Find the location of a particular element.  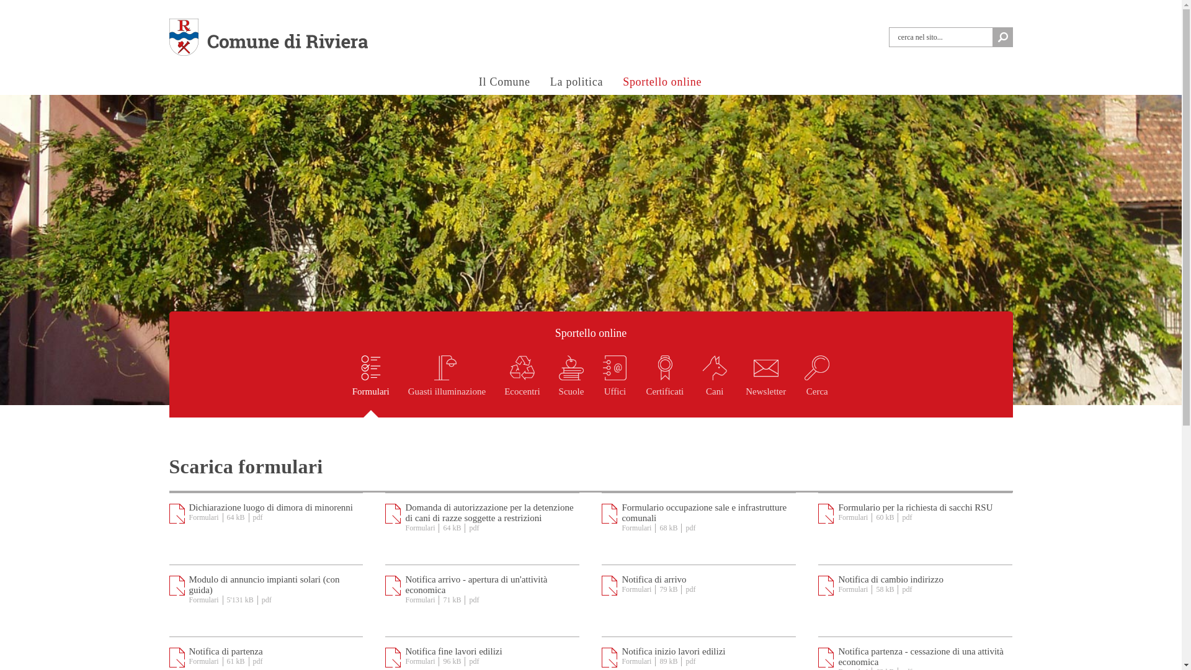

'Formulario per la richiesta di sacchi RSU' is located at coordinates (915, 507).